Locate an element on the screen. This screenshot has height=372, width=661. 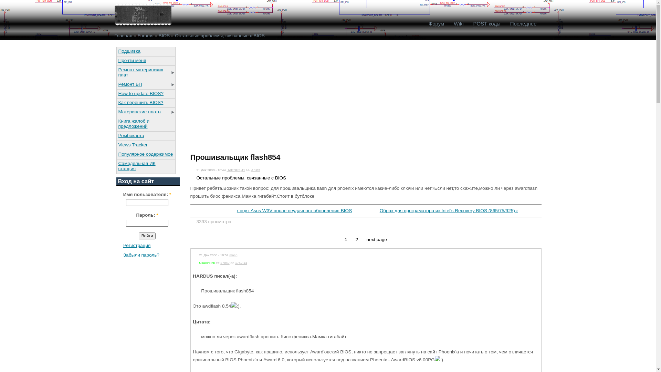
'-18.83' is located at coordinates (255, 170).